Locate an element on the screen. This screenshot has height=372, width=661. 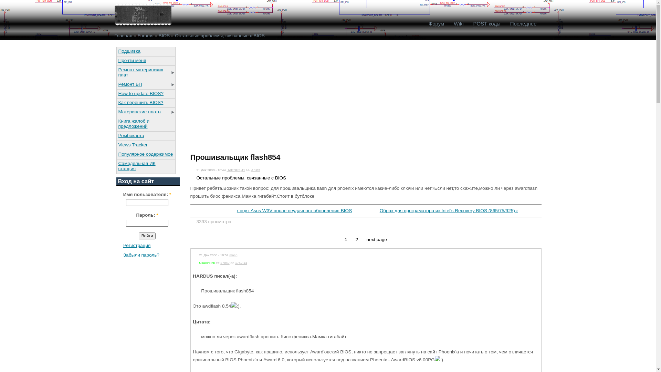
'-18.83' is located at coordinates (255, 170).